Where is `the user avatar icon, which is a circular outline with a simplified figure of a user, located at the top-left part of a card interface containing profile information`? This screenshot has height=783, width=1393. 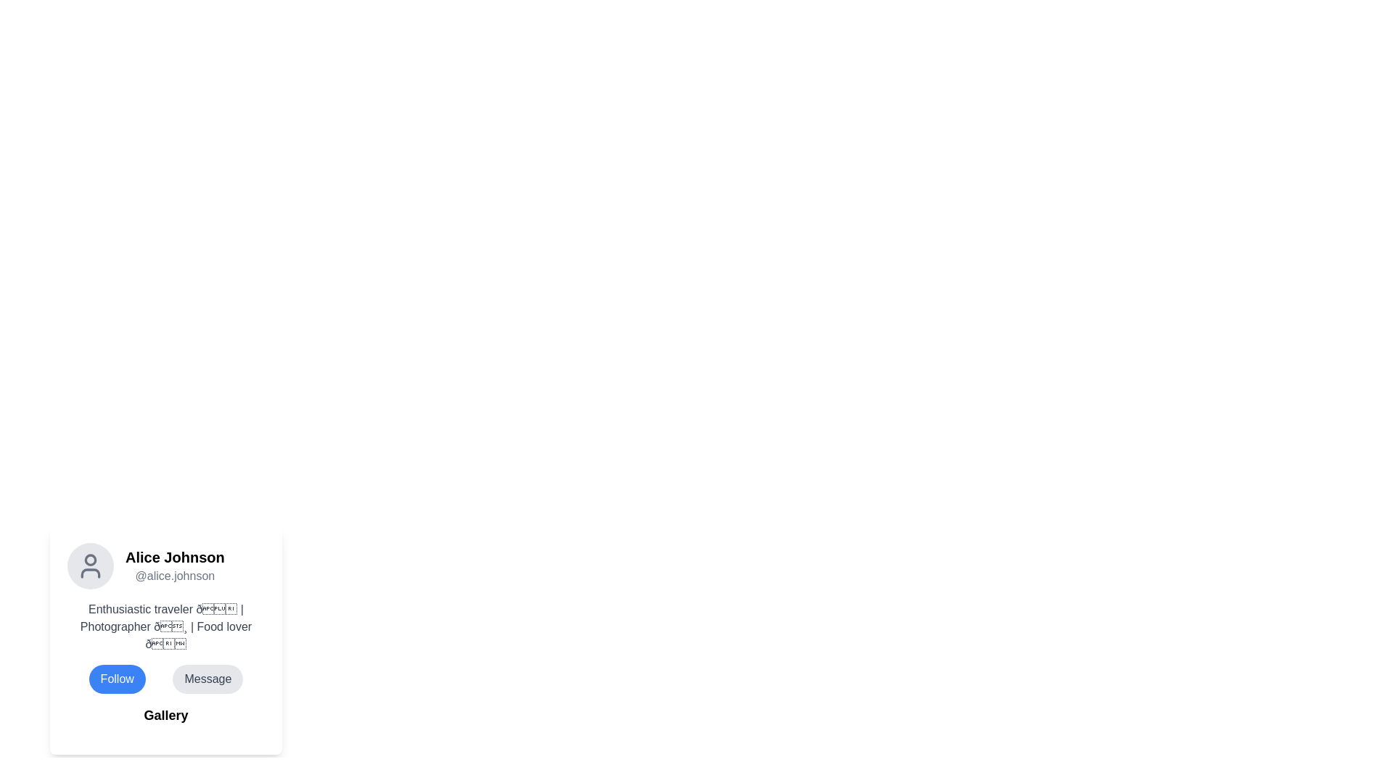
the user avatar icon, which is a circular outline with a simplified figure of a user, located at the top-left part of a card interface containing profile information is located at coordinates (89, 565).